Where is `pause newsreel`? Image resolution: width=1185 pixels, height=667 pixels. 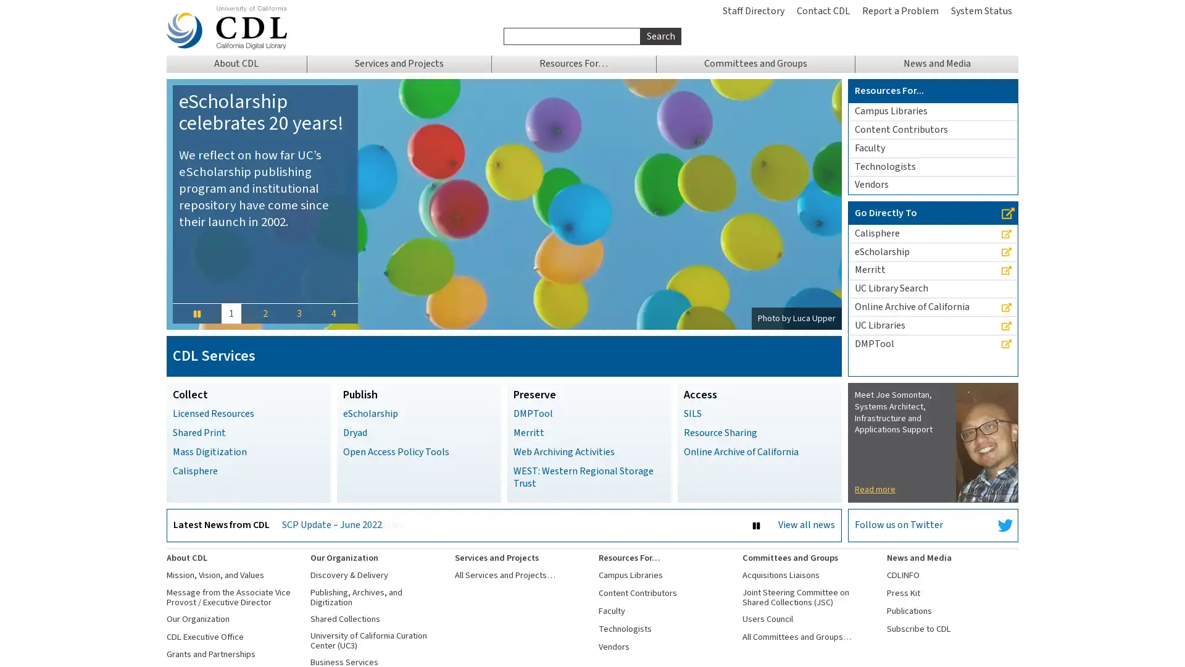
pause newsreel is located at coordinates (755, 526).